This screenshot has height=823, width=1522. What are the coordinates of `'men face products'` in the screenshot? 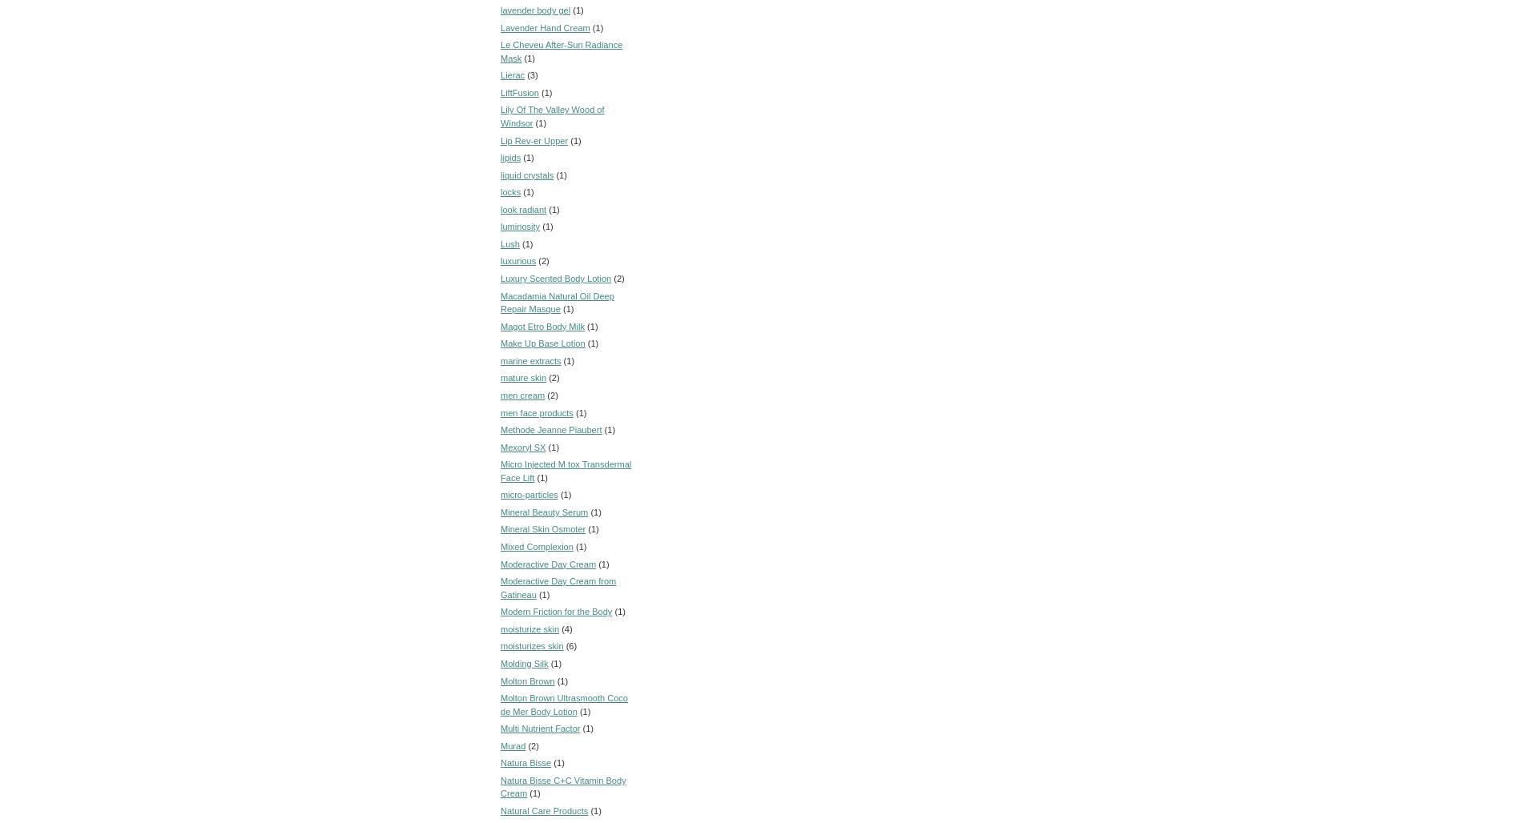 It's located at (500, 412).